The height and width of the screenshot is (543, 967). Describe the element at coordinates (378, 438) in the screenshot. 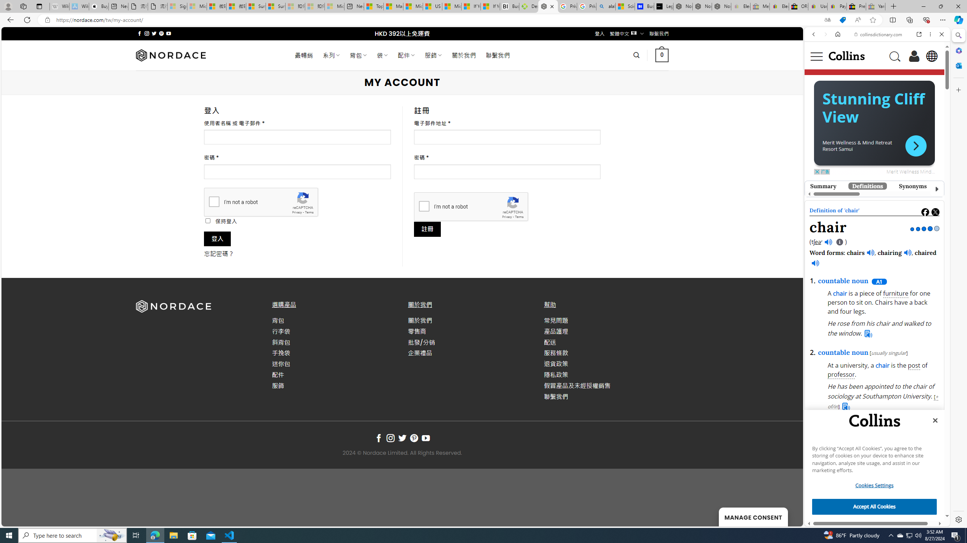

I see `'Follow on Facebook'` at that location.